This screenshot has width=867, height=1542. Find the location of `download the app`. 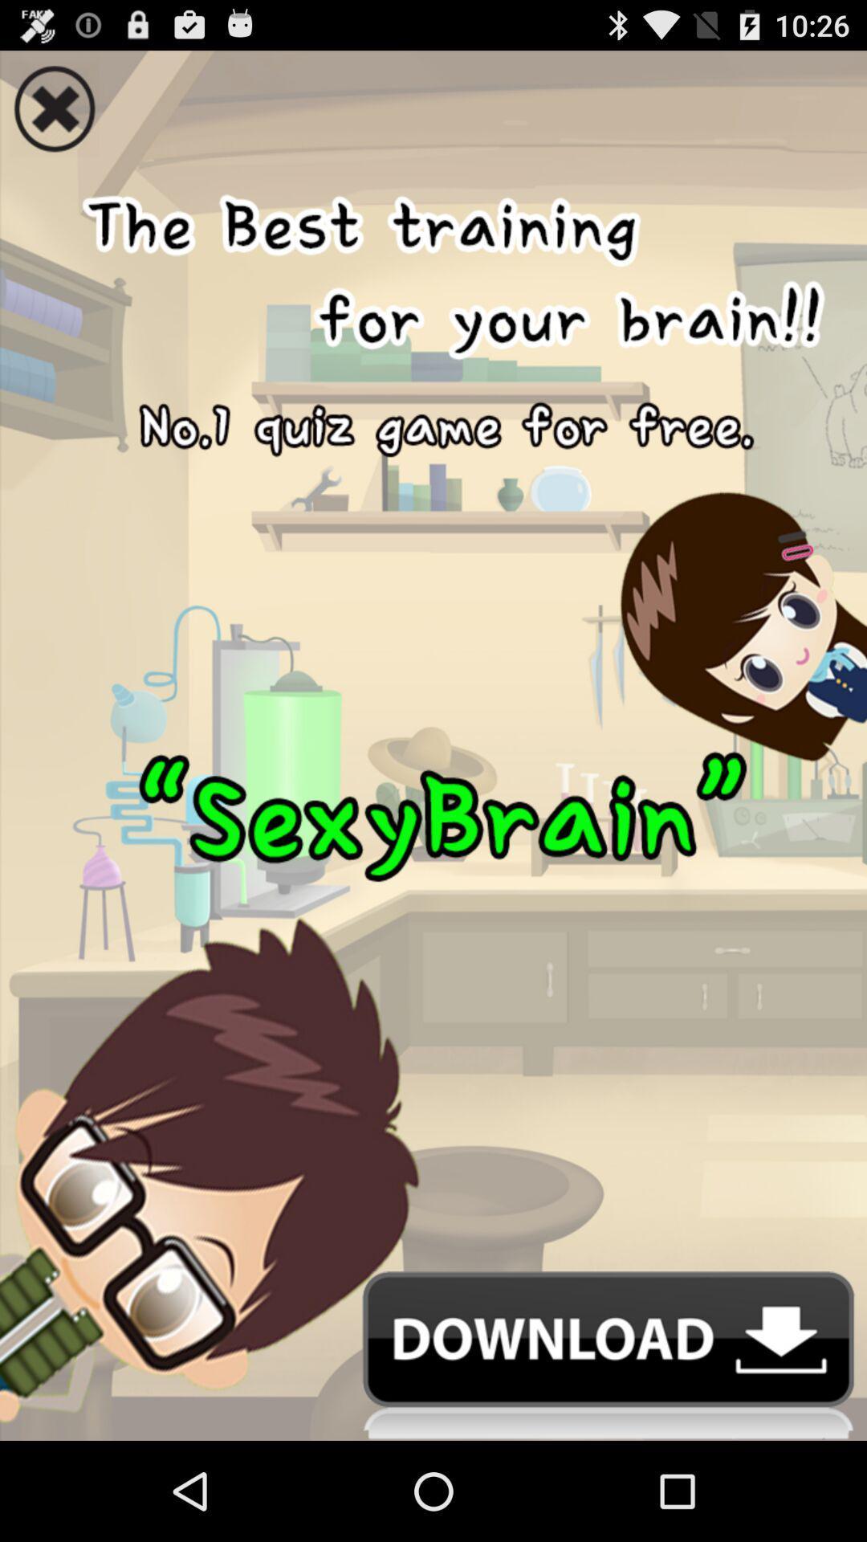

download the app is located at coordinates (433, 1355).